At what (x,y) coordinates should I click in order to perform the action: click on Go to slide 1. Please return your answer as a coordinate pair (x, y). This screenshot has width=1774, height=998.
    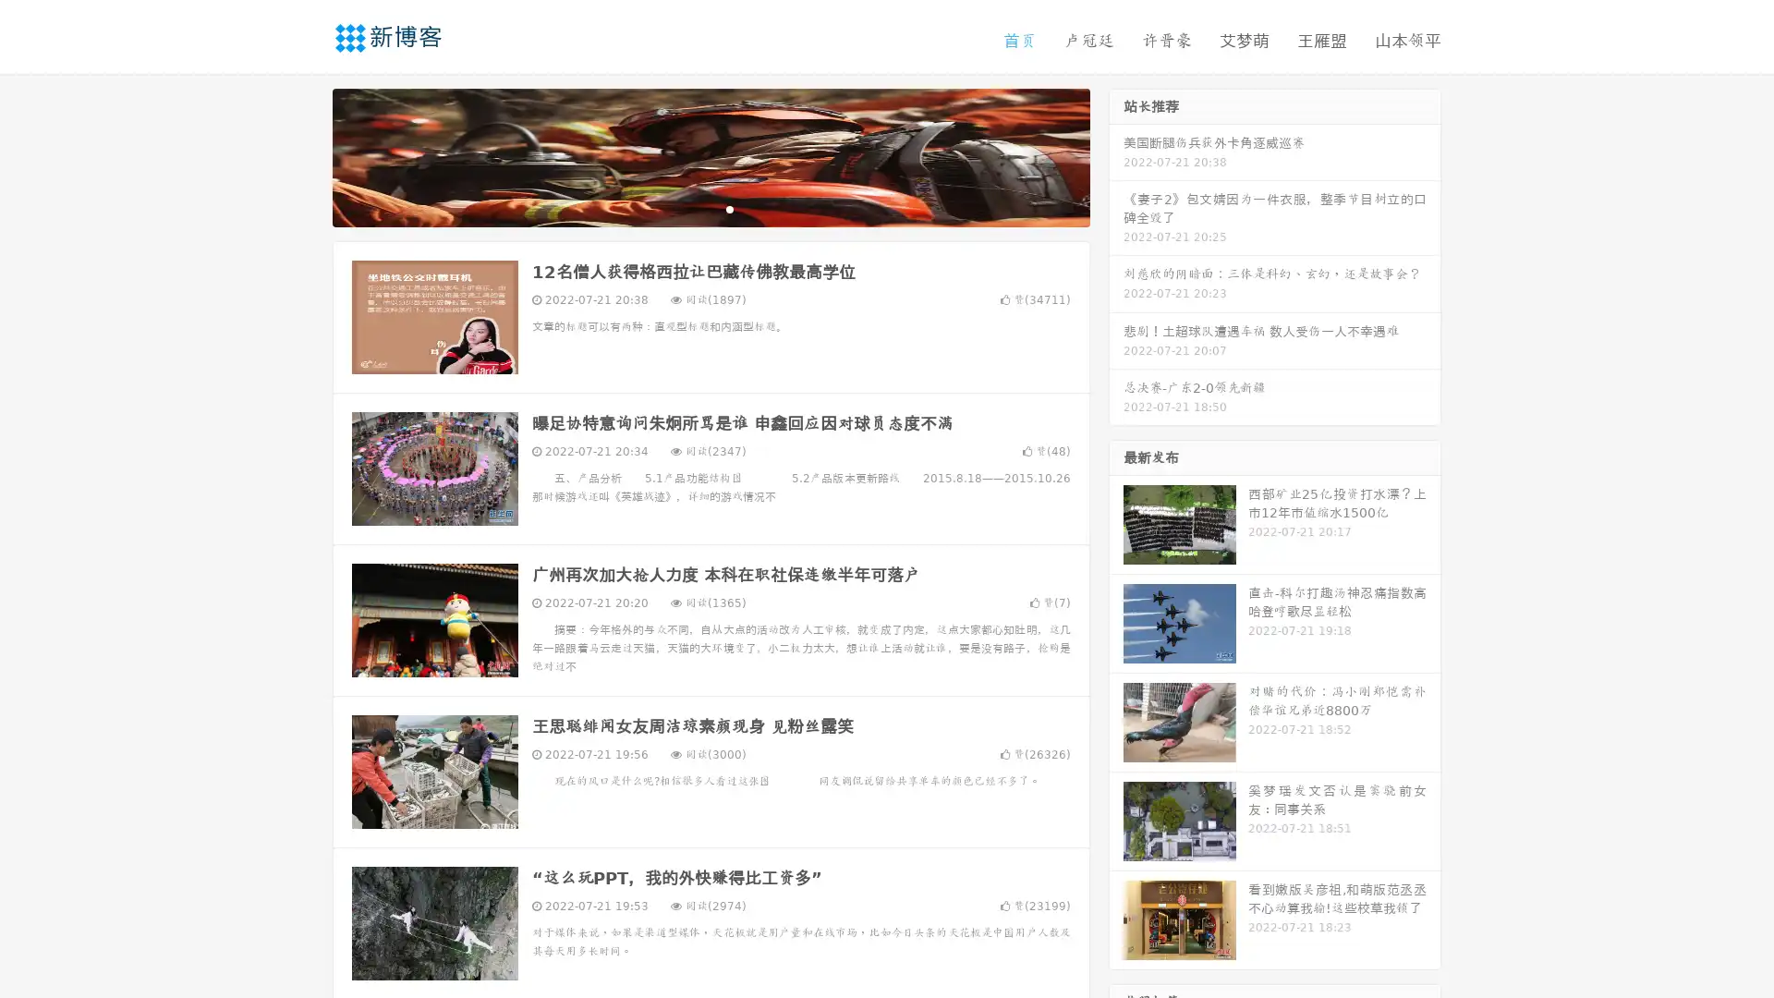
    Looking at the image, I should click on (691, 208).